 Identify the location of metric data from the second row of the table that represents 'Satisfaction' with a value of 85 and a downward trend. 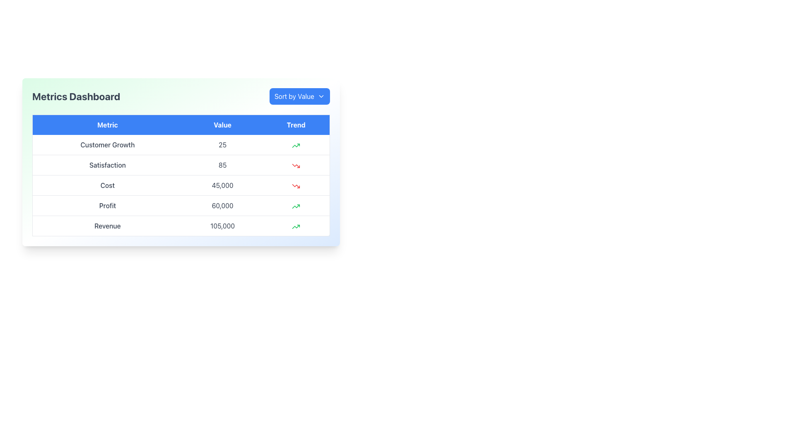
(181, 165).